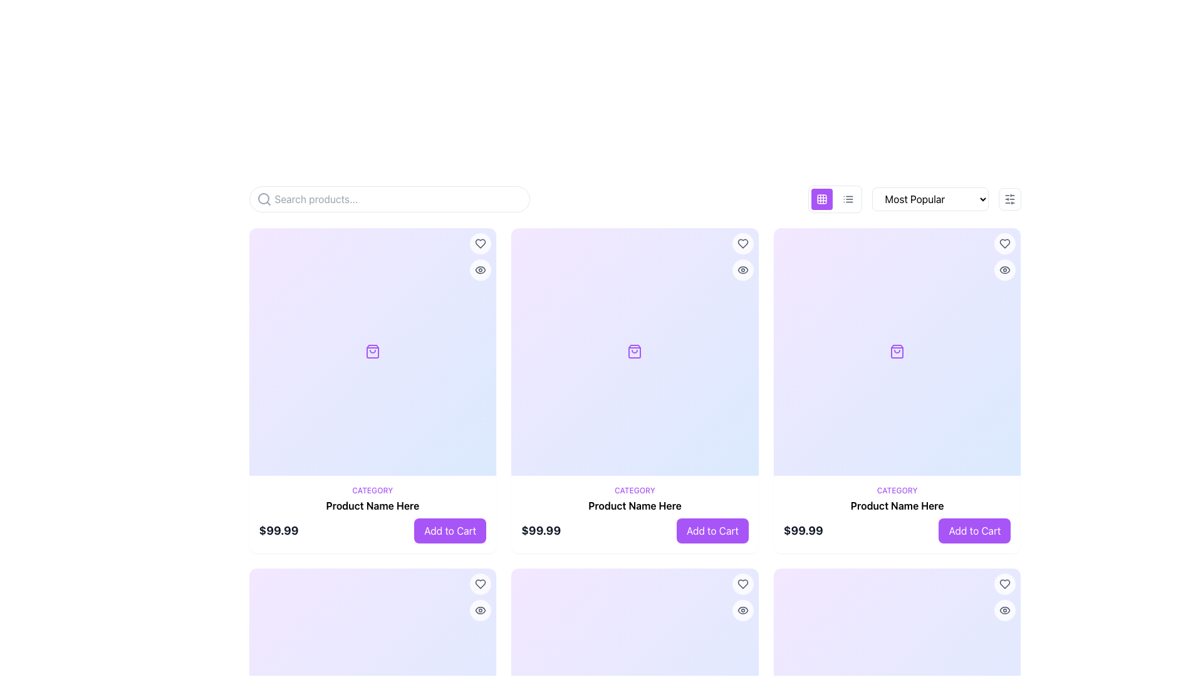 The image size is (1203, 677). I want to click on the circular eye icon button located in the lower-right corner of the product card, so click(480, 609).